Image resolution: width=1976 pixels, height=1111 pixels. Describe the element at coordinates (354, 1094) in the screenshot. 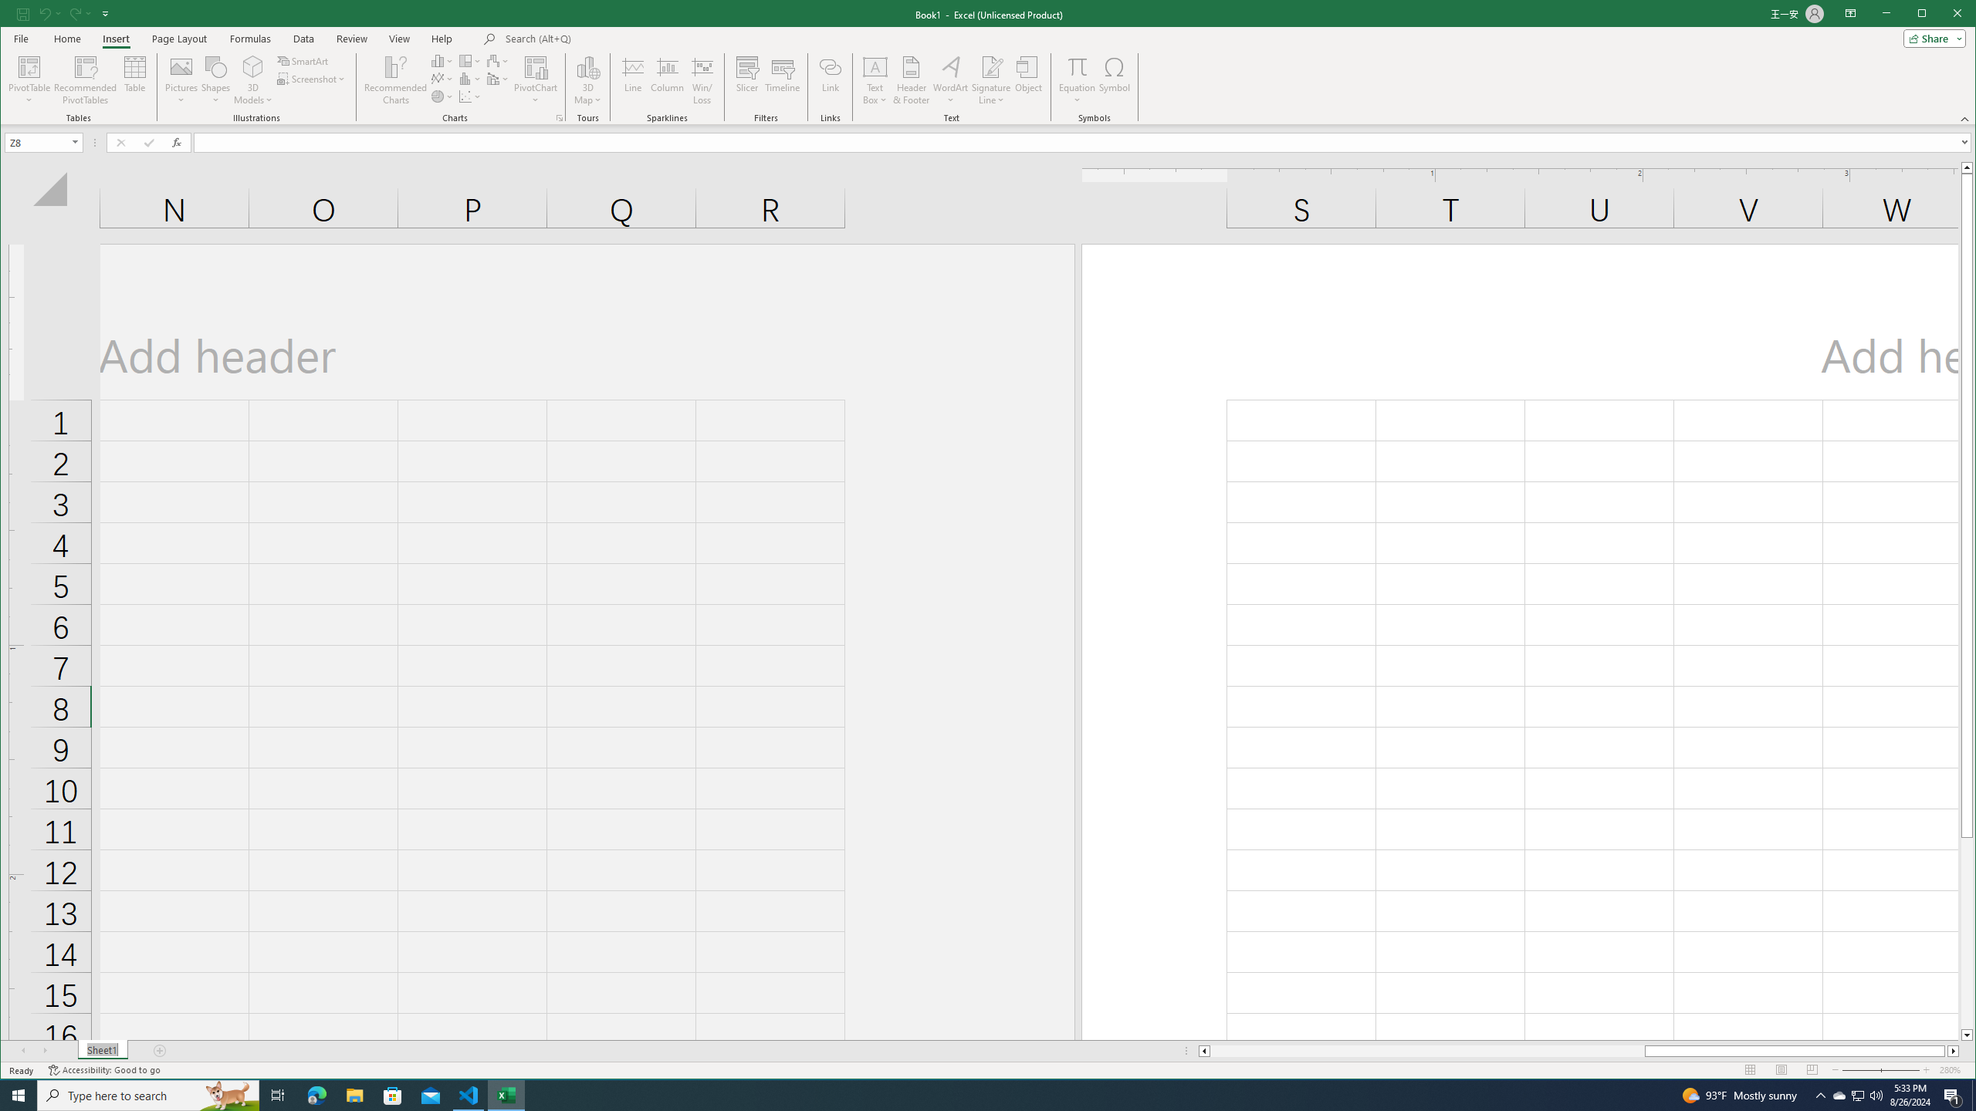

I see `'File Explorer'` at that location.